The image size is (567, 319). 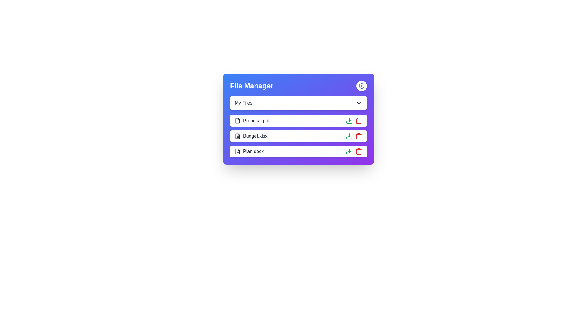 I want to click on the green icon in the group of icons associated with the 'Budget.xlsx' file to initiate a download, so click(x=354, y=136).